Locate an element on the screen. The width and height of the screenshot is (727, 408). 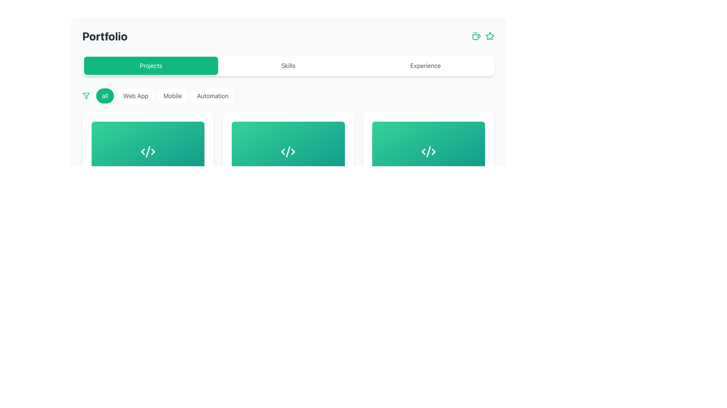
the third card in the portfolio section under the 'Projects' tab, which features a gradient green-to-teal background and a centered coding symbol icon is located at coordinates (429, 151).